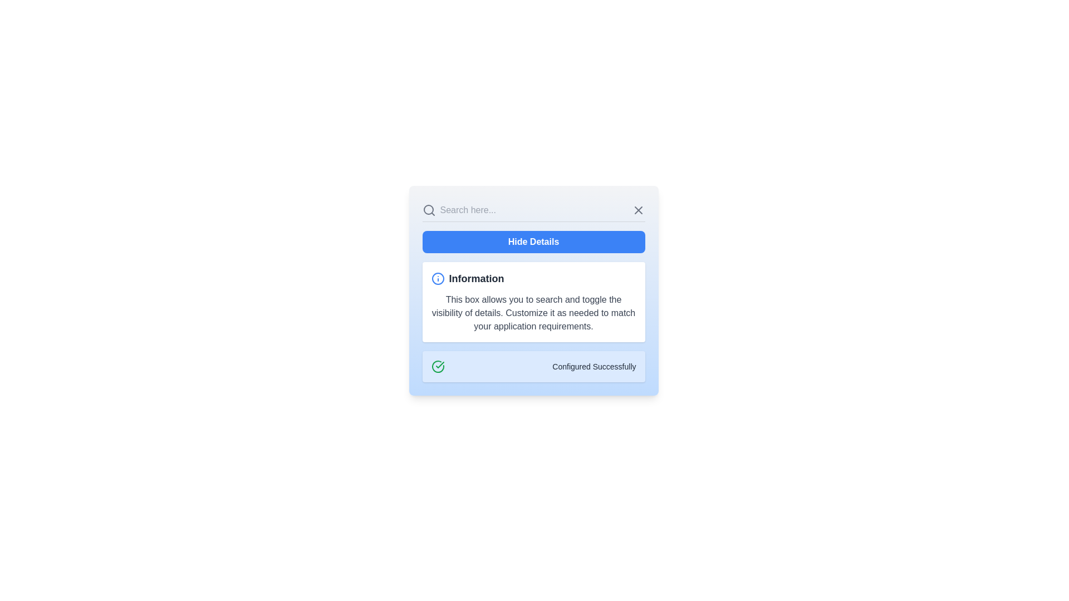  I want to click on the status icon indicating a successfully completed action, located to the left of the text 'Configured Successfully' in the blue notification box, so click(437, 367).